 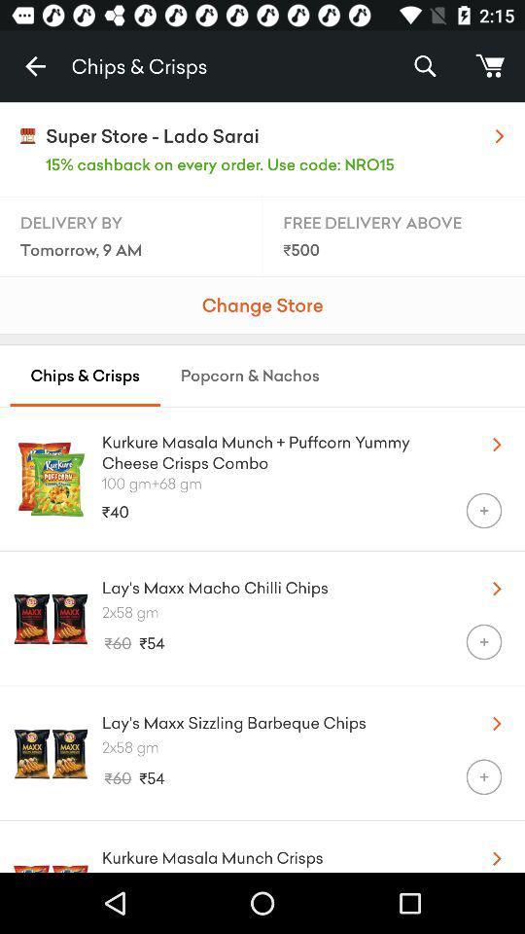 What do you see at coordinates (482, 641) in the screenshot?
I see `the item below the 2x58 gm icon` at bounding box center [482, 641].